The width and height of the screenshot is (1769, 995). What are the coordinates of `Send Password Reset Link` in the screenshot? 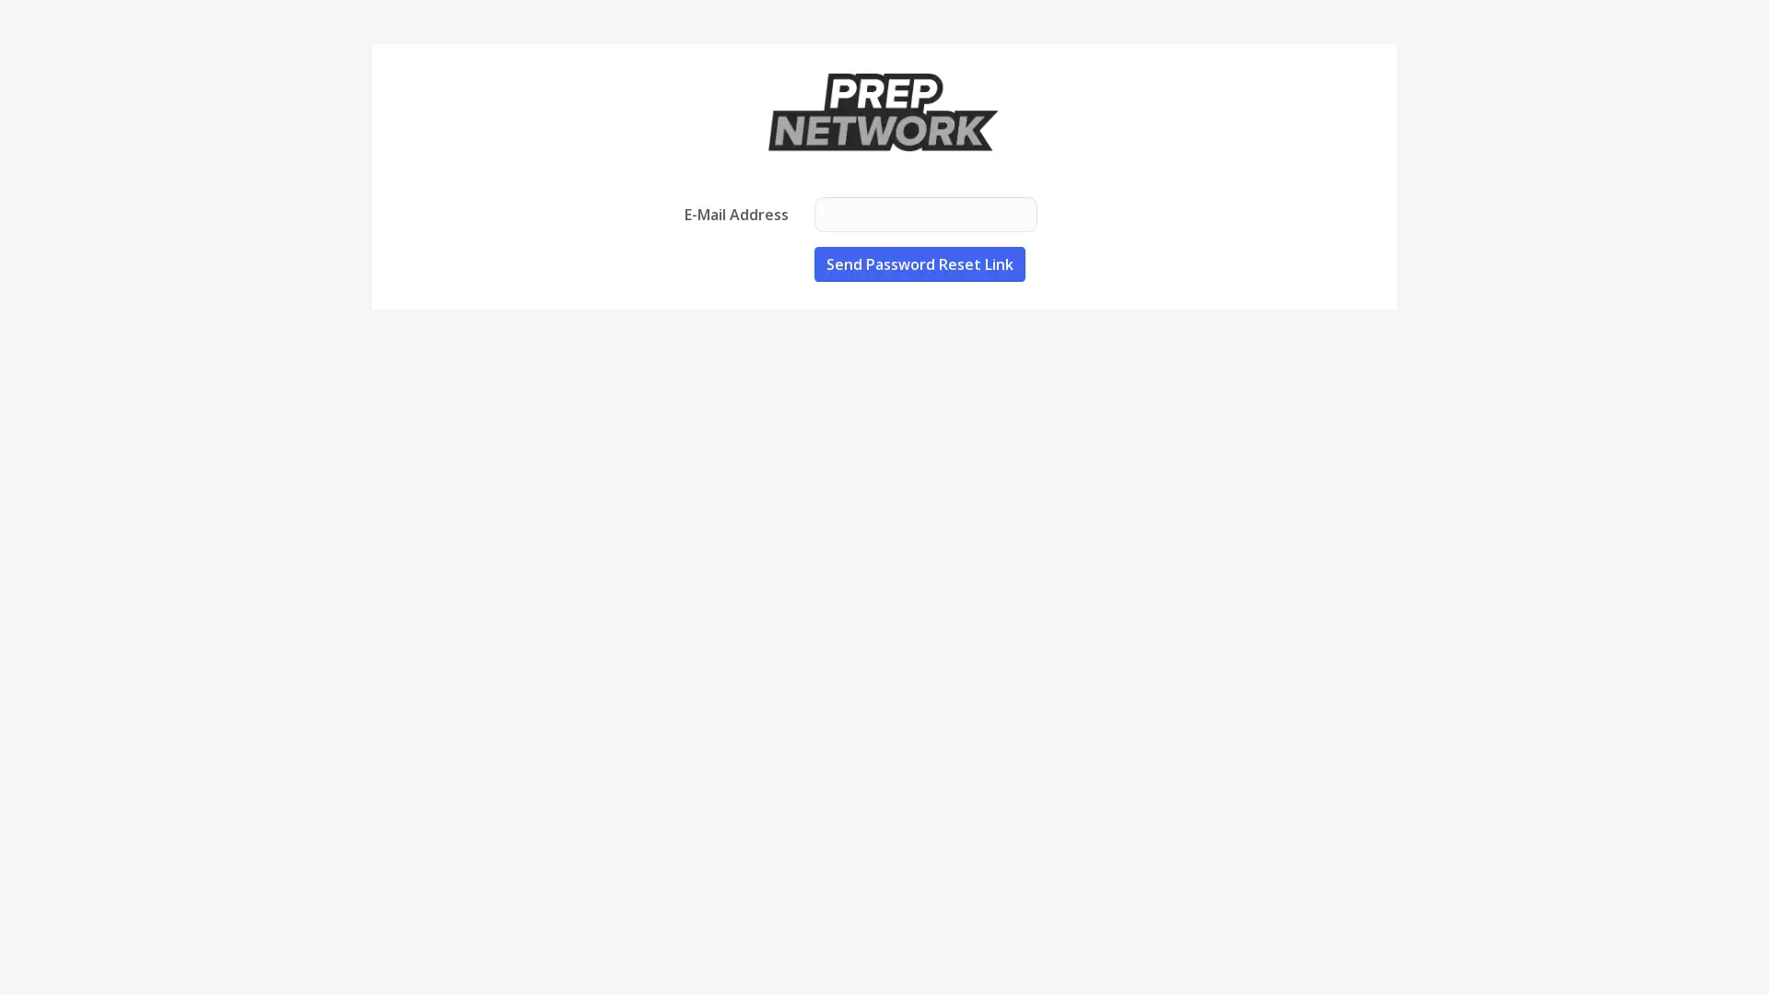 It's located at (920, 263).